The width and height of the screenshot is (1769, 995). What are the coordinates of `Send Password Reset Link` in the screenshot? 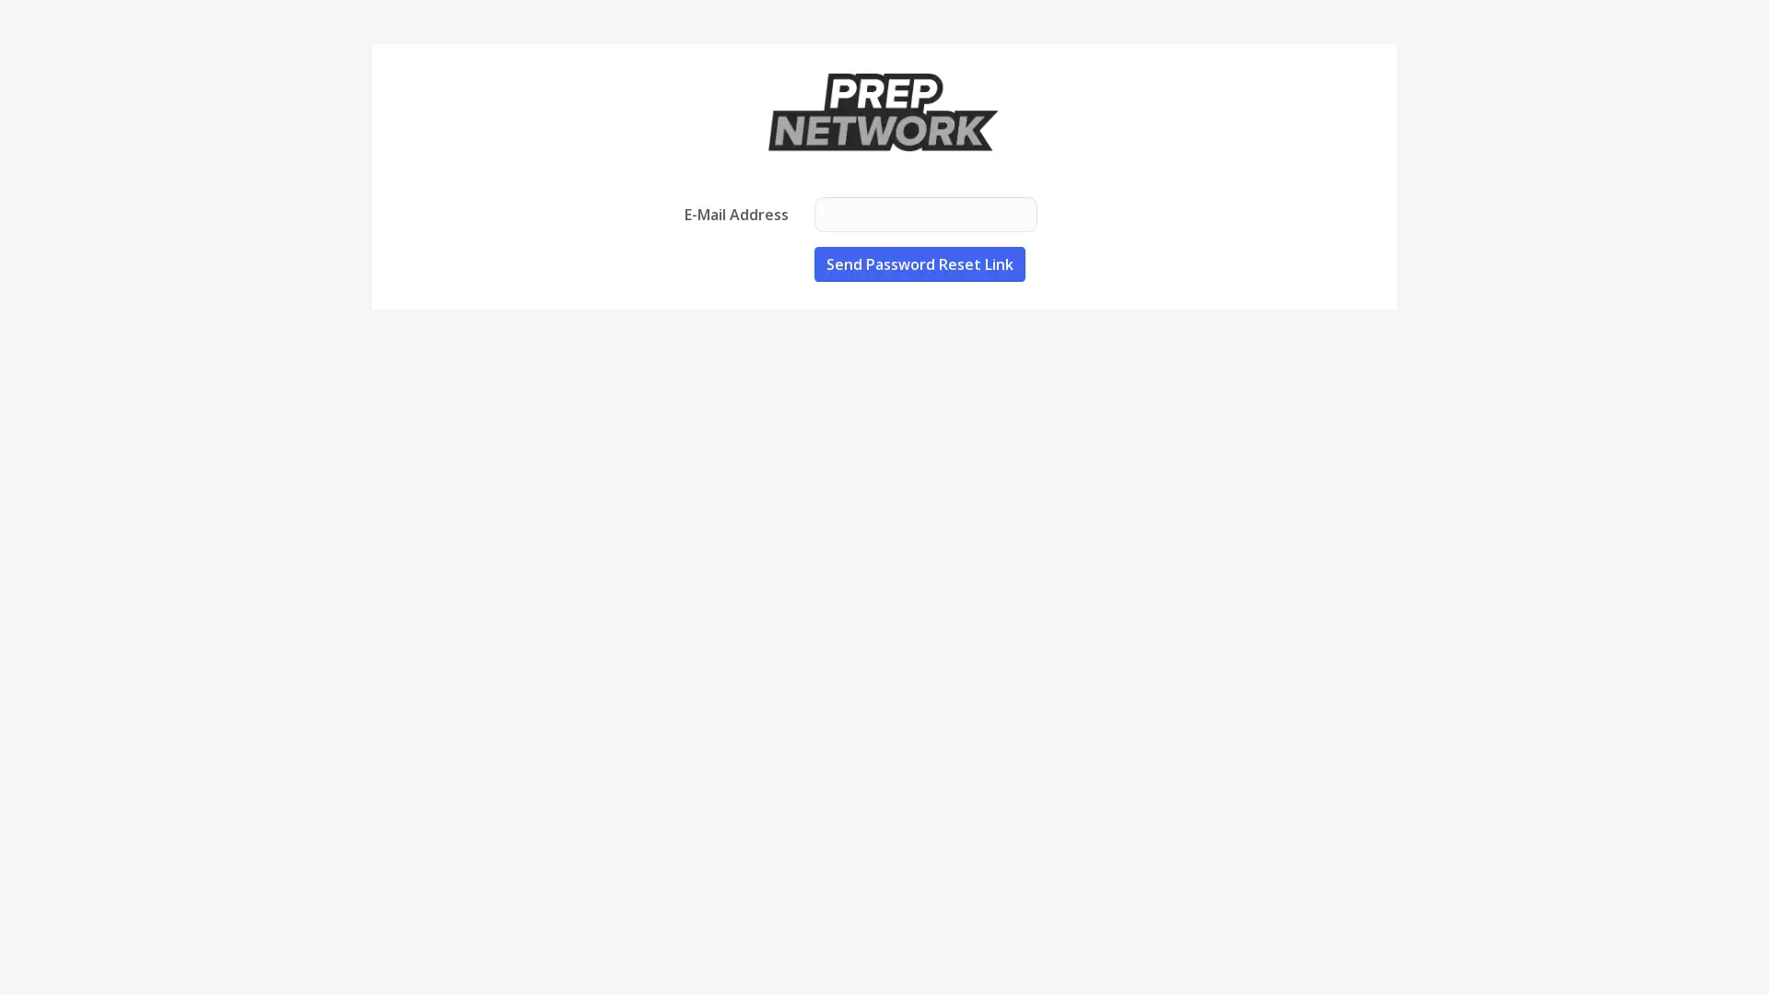 It's located at (920, 263).